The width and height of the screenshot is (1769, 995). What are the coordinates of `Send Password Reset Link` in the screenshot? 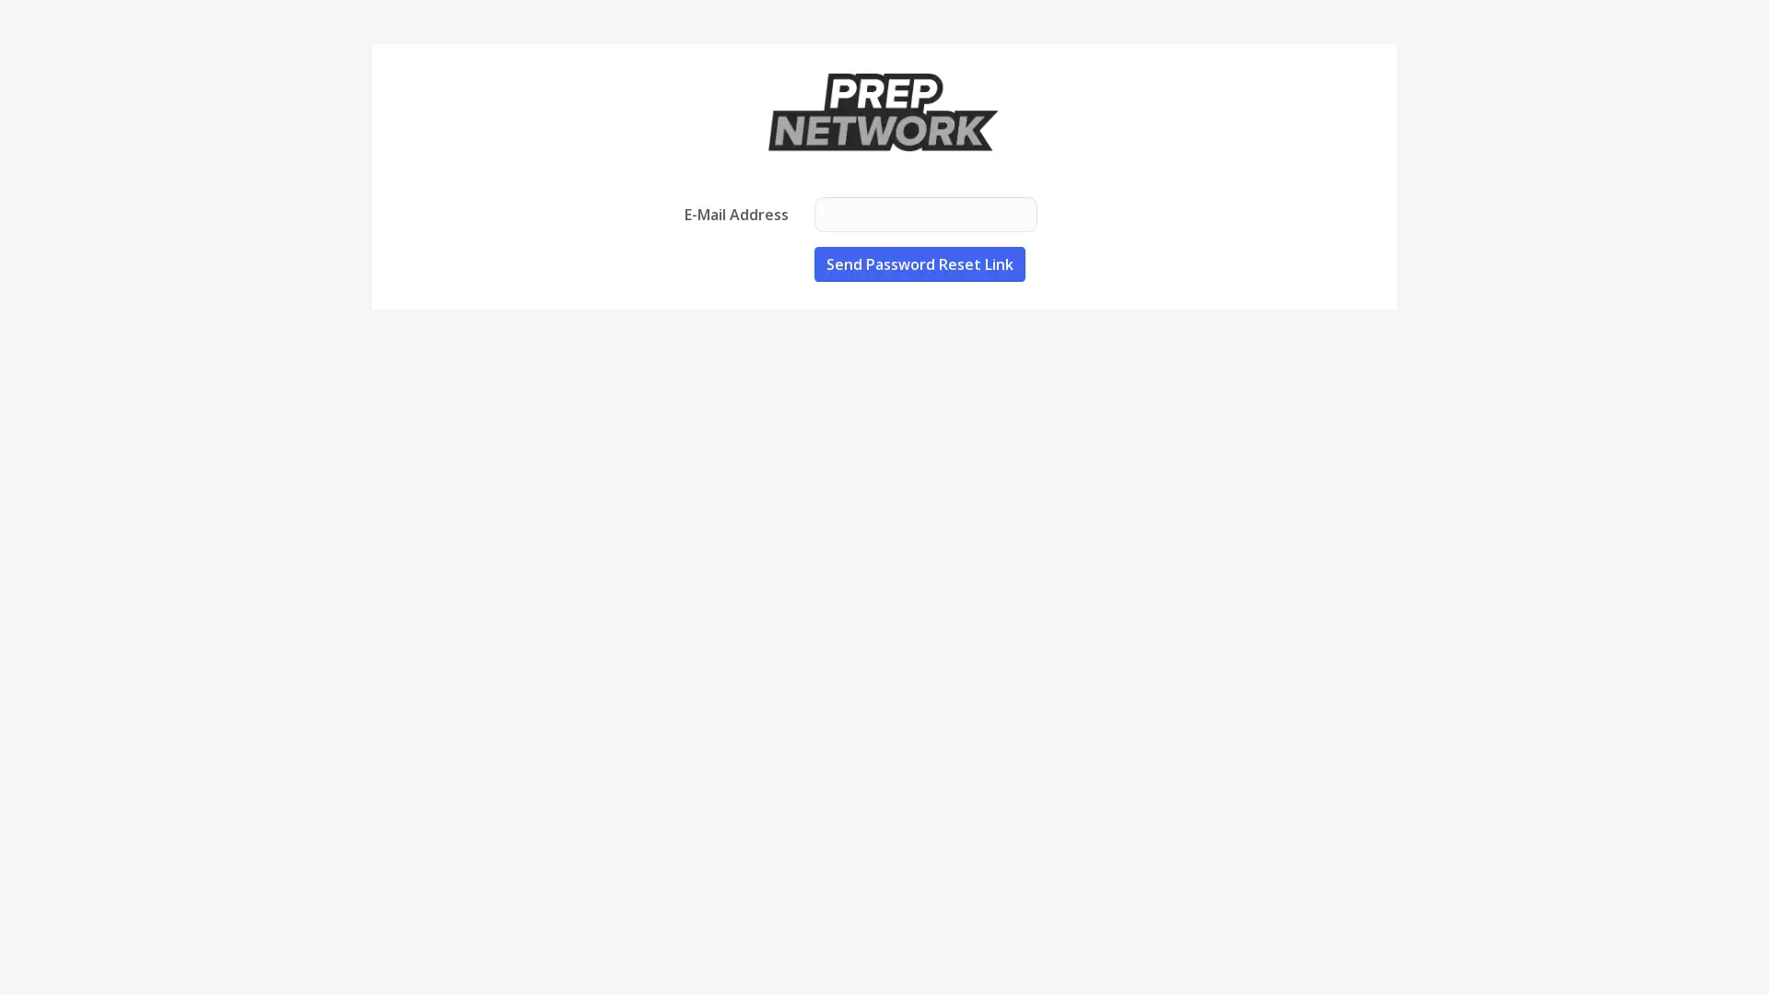 It's located at (920, 263).